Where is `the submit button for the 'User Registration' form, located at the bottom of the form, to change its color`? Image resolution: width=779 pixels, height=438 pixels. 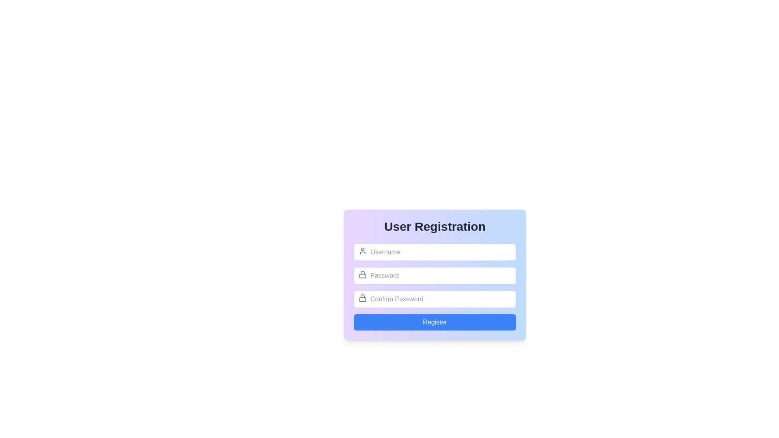
the submit button for the 'User Registration' form, located at the bottom of the form, to change its color is located at coordinates (434, 322).